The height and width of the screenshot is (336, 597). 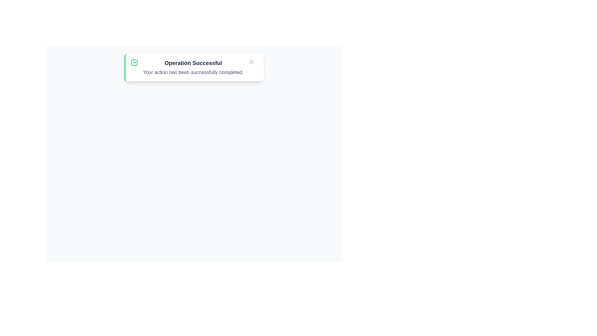 What do you see at coordinates (134, 62) in the screenshot?
I see `the circular green-bordered icon with a checkmark, which symbolizes confirmation or success, located to the left of the notification area containing the text 'Operation Successful'` at bounding box center [134, 62].